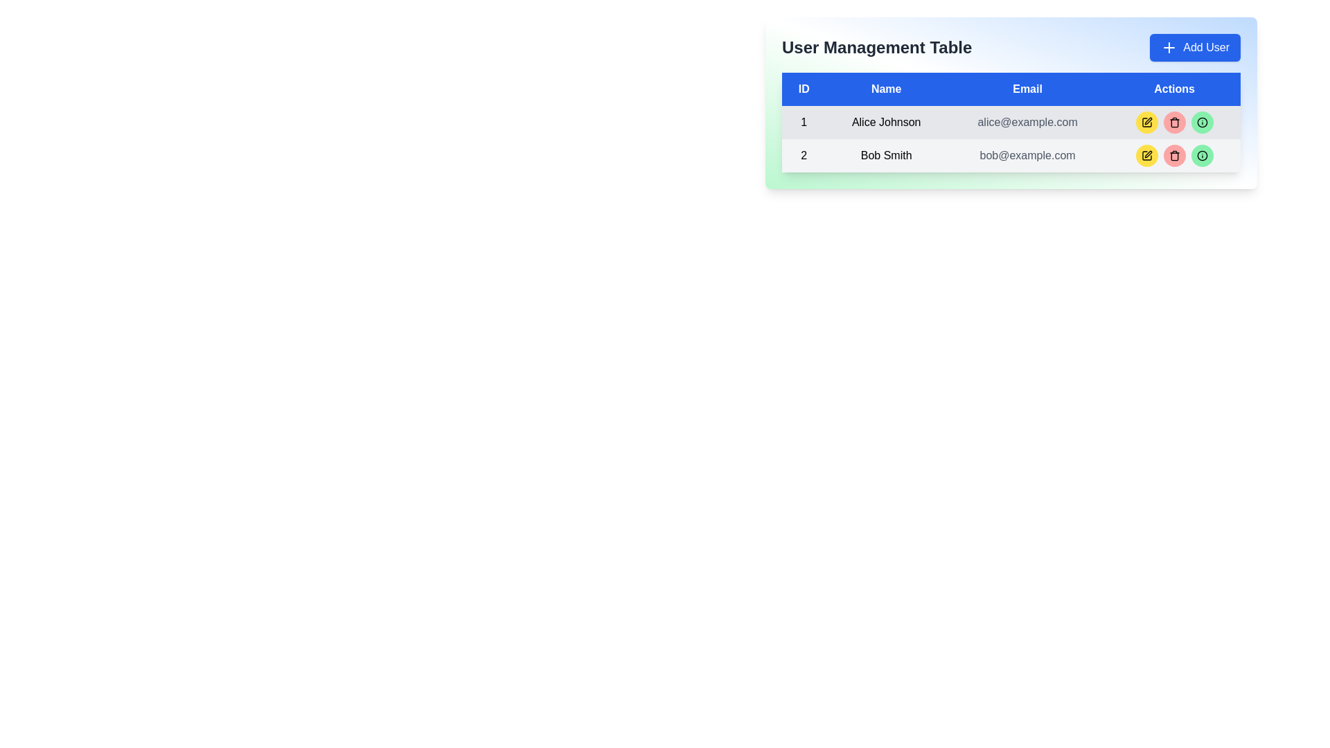 This screenshot has width=1330, height=748. What do you see at coordinates (1147, 120) in the screenshot?
I see `the edit icon button in the Actions column of the user management table` at bounding box center [1147, 120].